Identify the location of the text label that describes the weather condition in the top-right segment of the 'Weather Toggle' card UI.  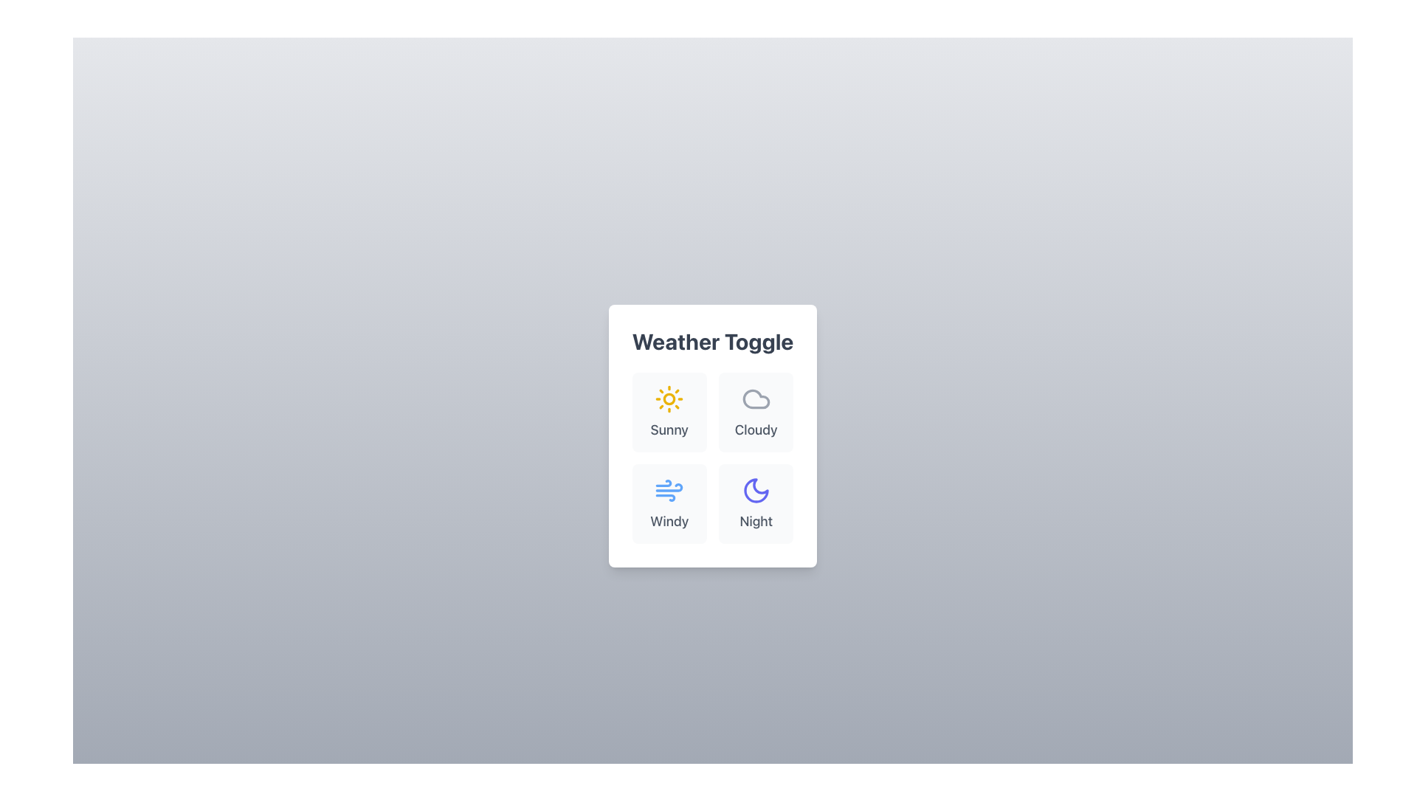
(756, 429).